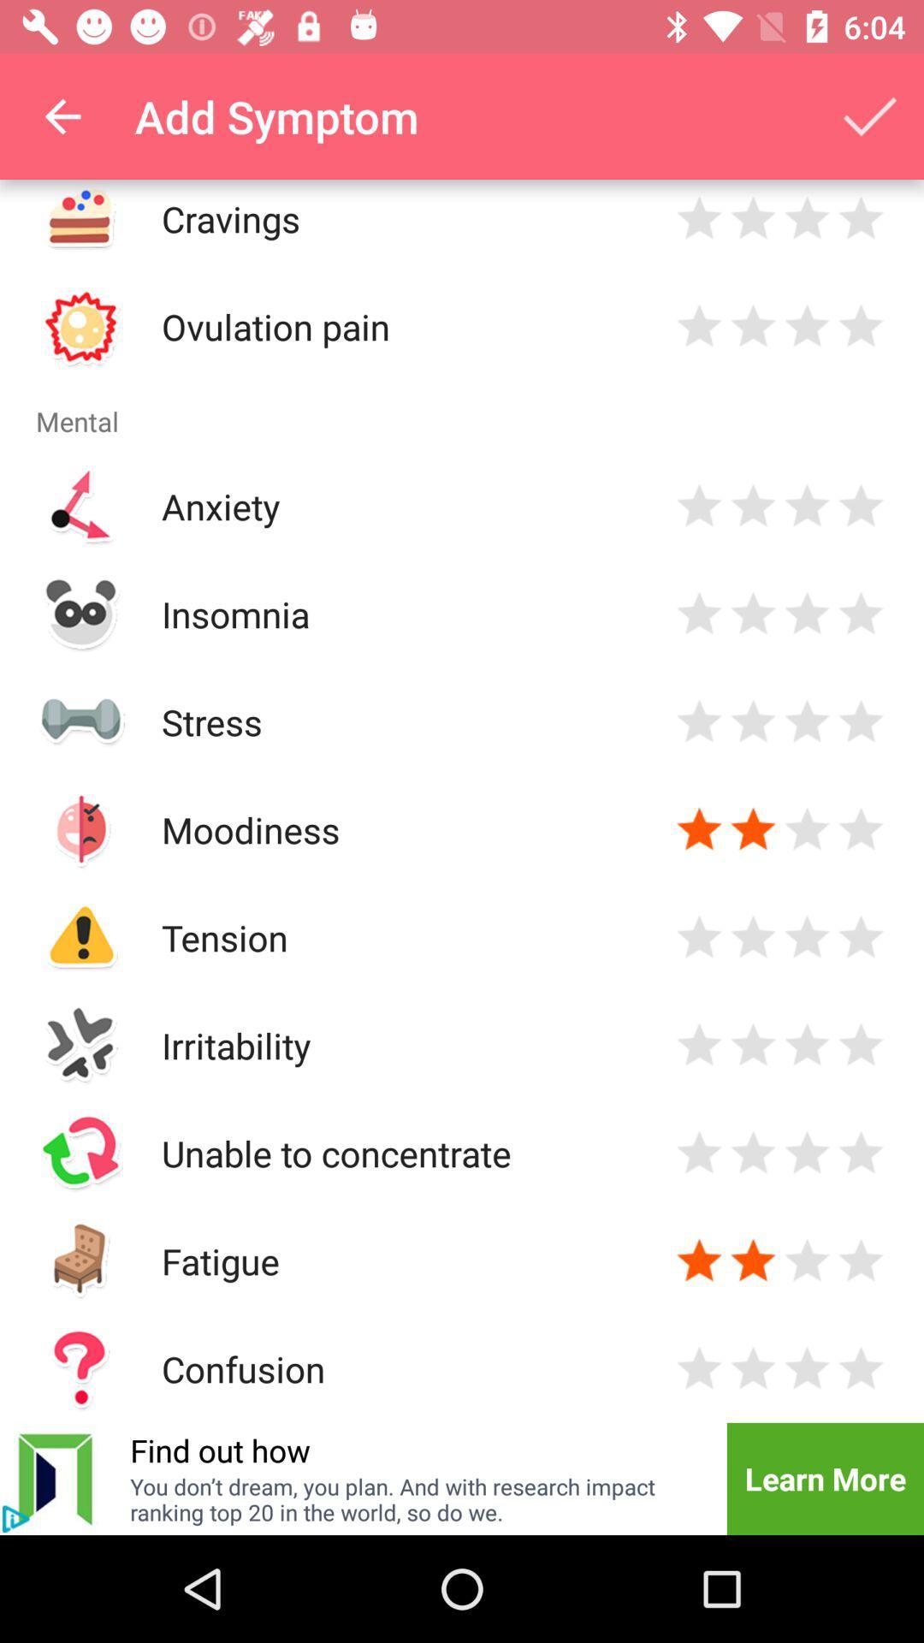 The height and width of the screenshot is (1643, 924). What do you see at coordinates (699, 1153) in the screenshot?
I see `rate 1 star` at bounding box center [699, 1153].